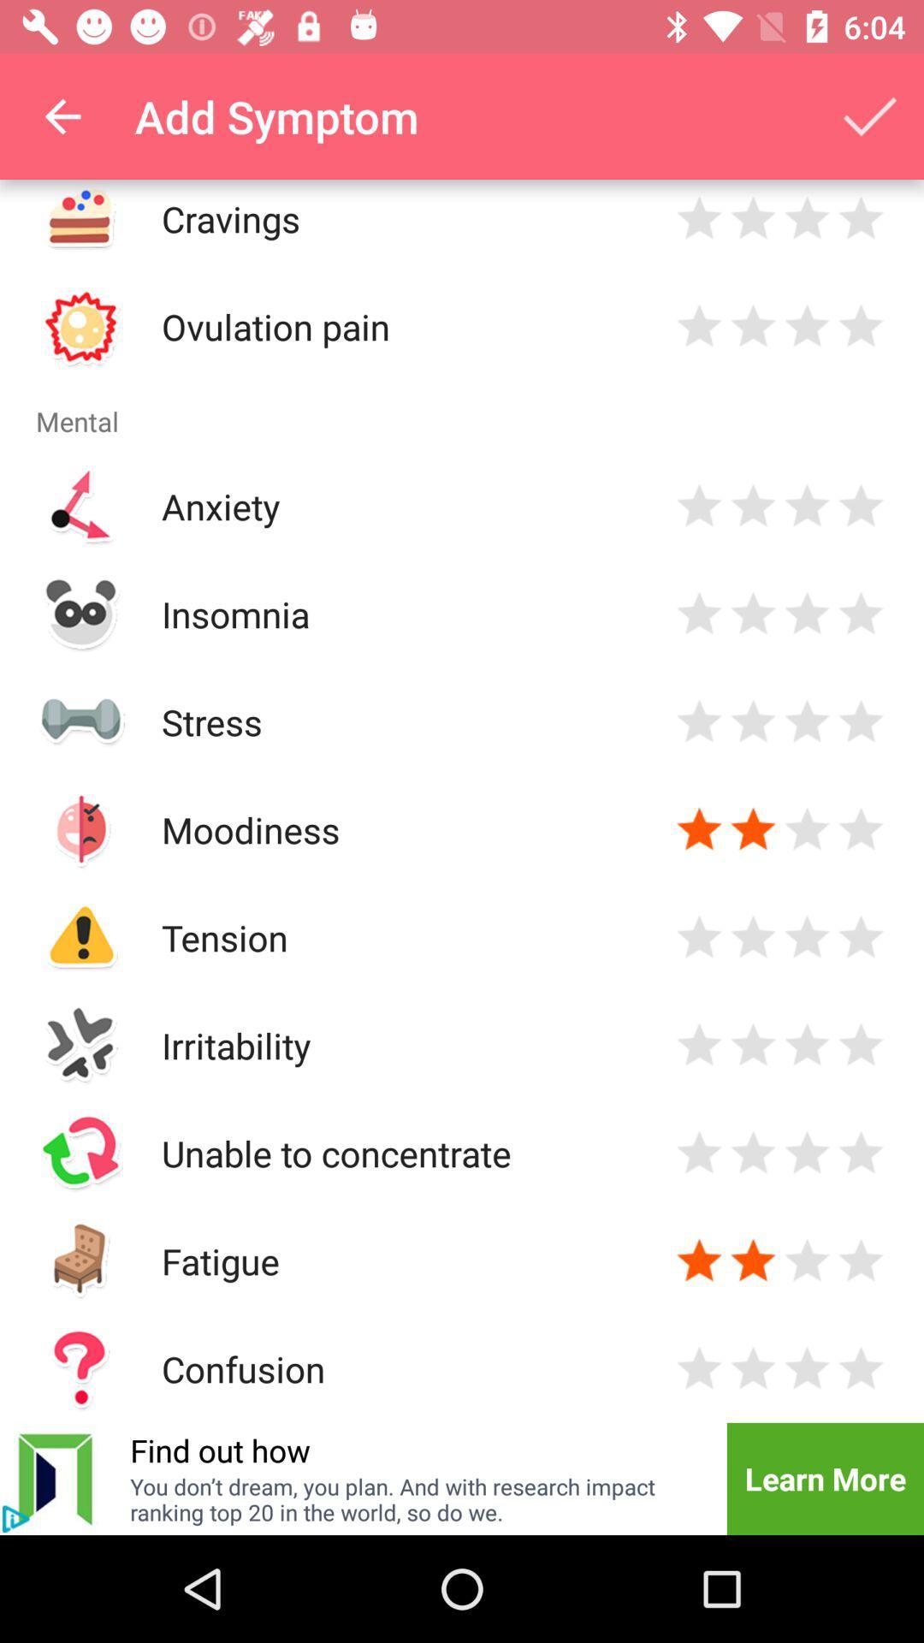 The height and width of the screenshot is (1643, 924). What do you see at coordinates (699, 1153) in the screenshot?
I see `rate 1 star` at bounding box center [699, 1153].